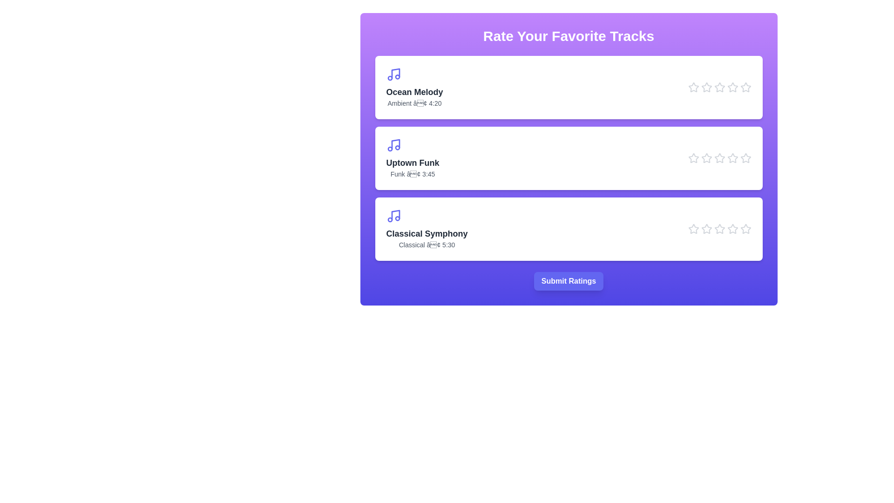  I want to click on the star icon corresponding to Classical Symphony at 5 stars to preview the rating, so click(745, 229).